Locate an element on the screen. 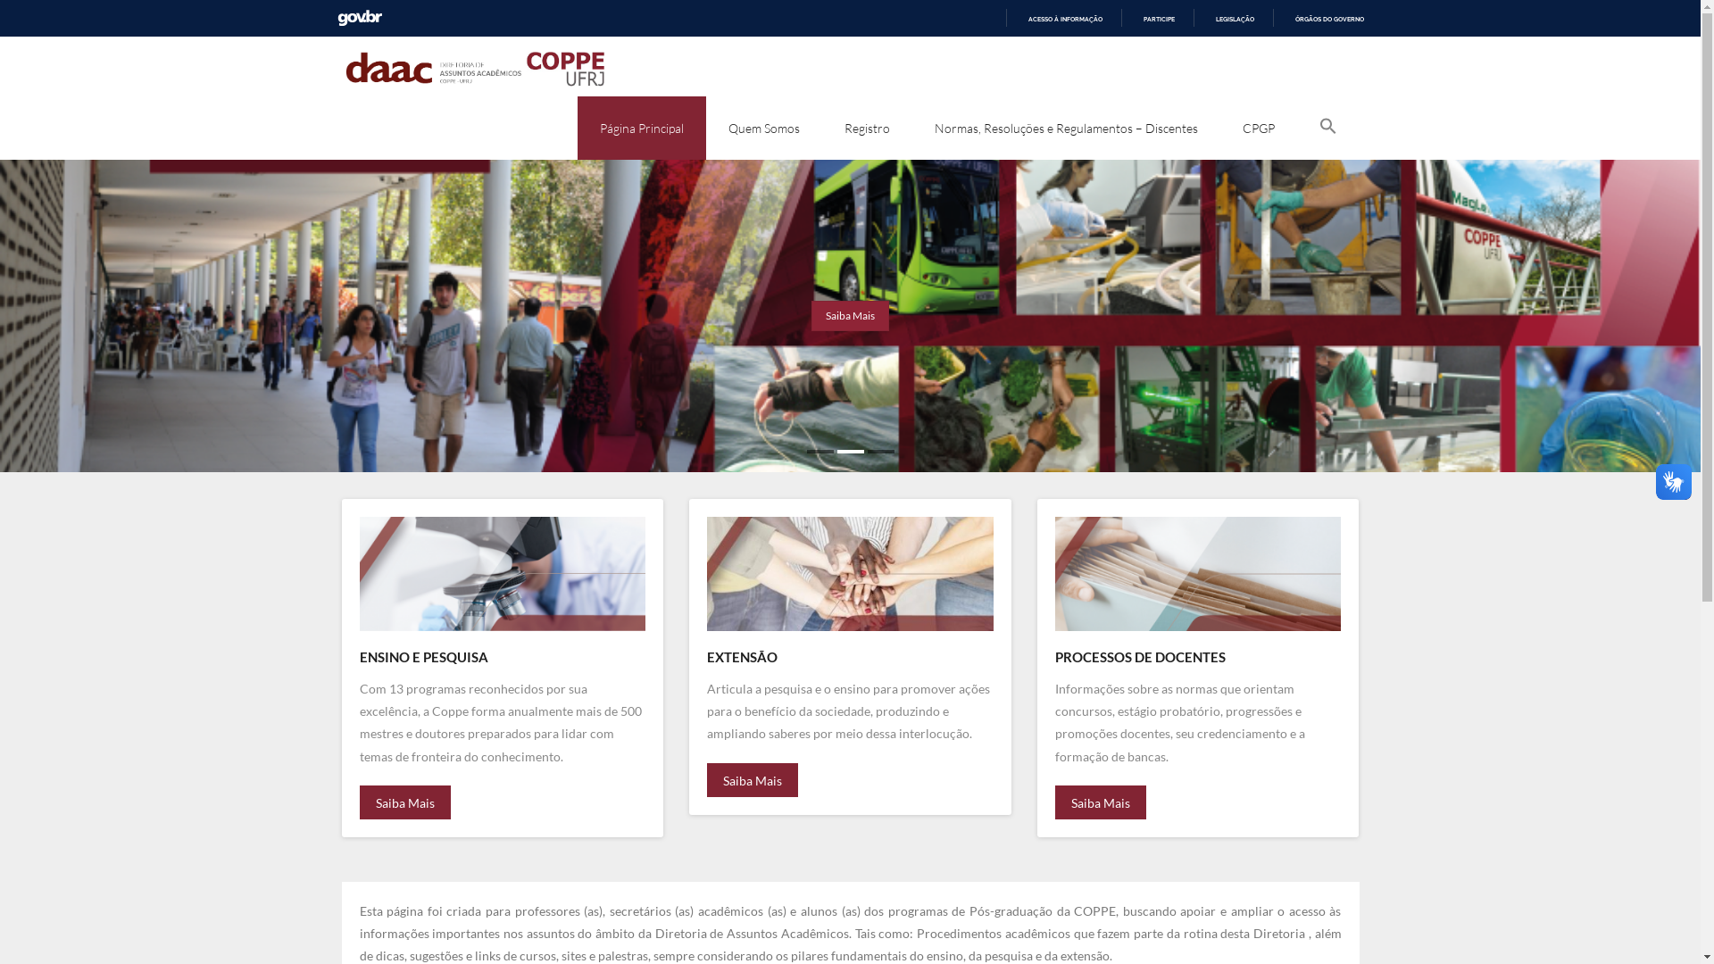  '3' is located at coordinates (881, 450).